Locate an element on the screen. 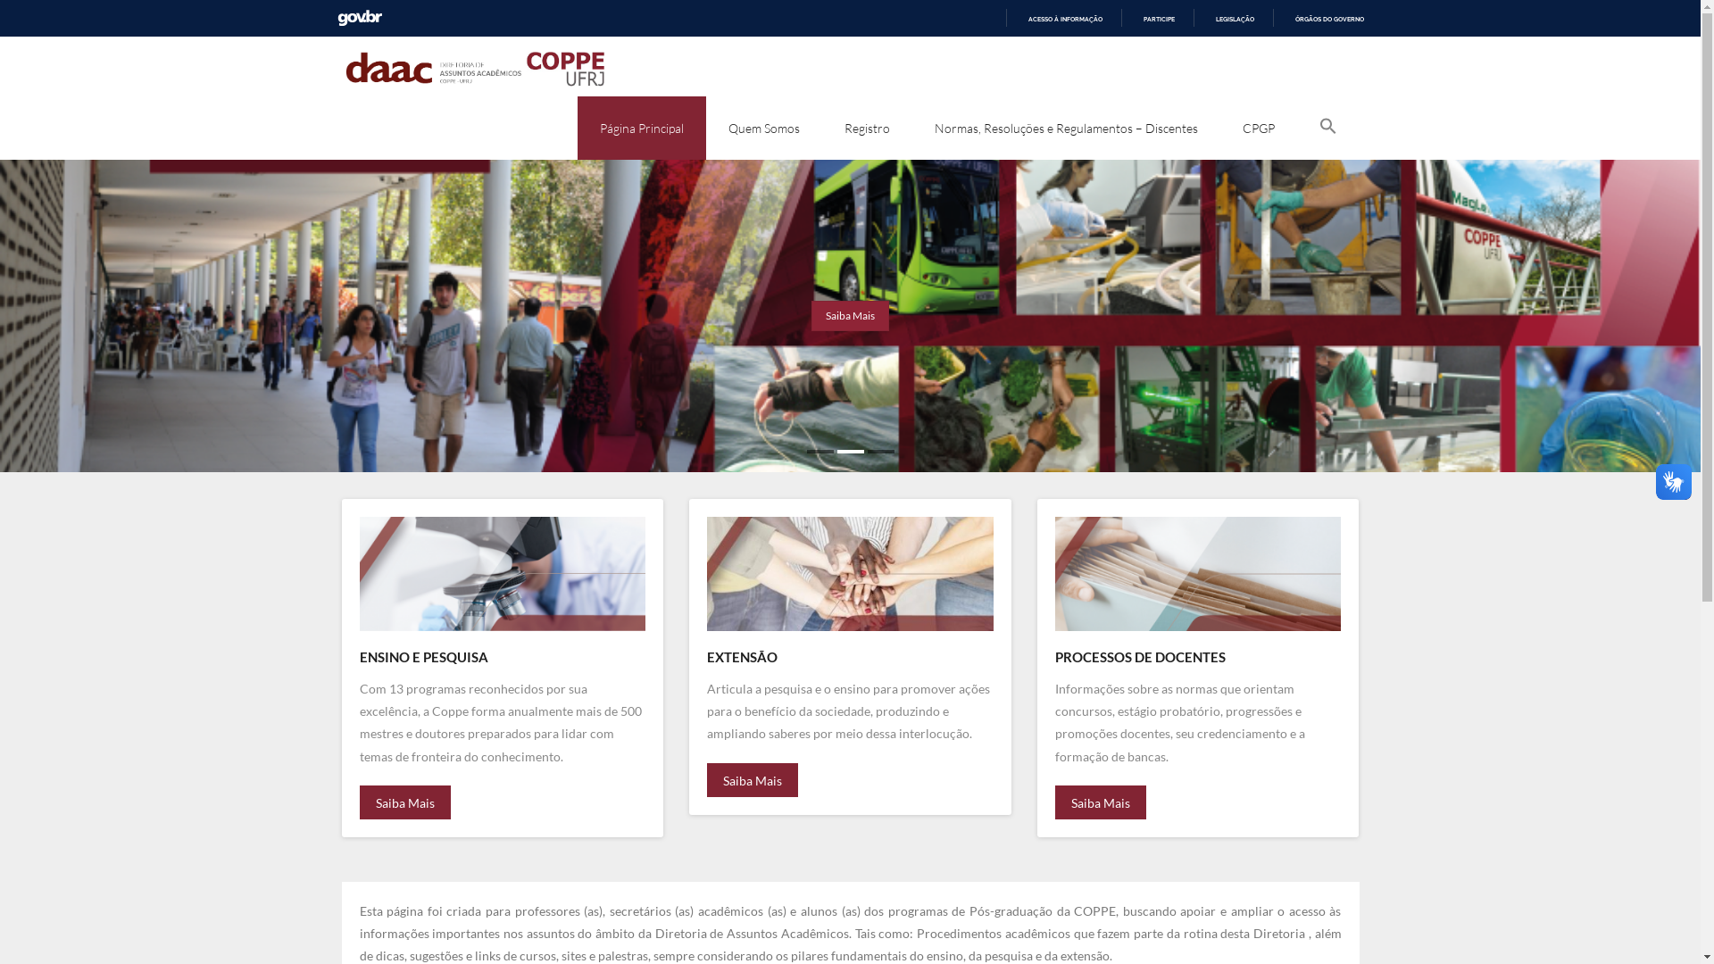  '3' is located at coordinates (881, 450).